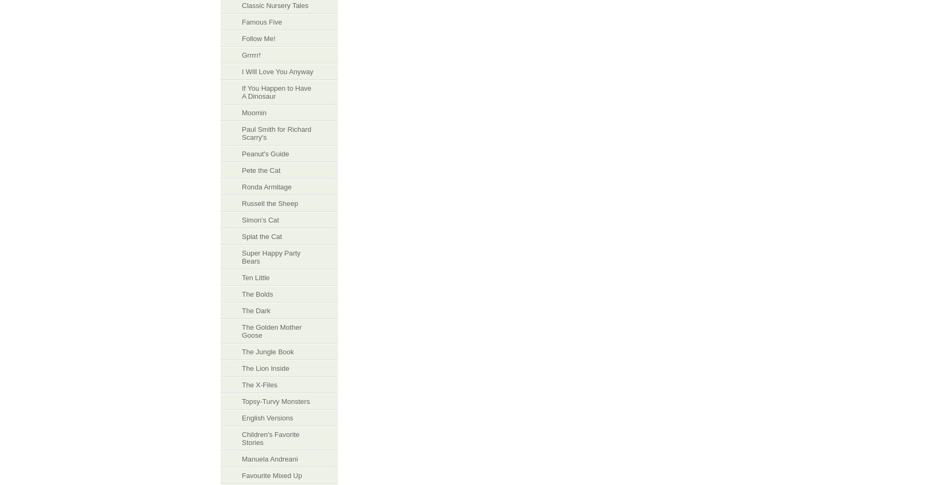  What do you see at coordinates (241, 257) in the screenshot?
I see `'Super Happy Party Bears'` at bounding box center [241, 257].